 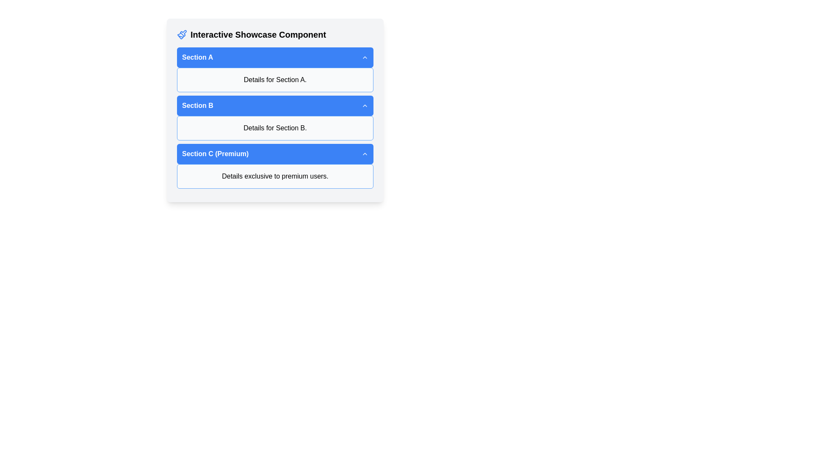 I want to click on the blue rectangular button labeled 'Section C (Premium)' with rounded corners, so click(x=275, y=154).